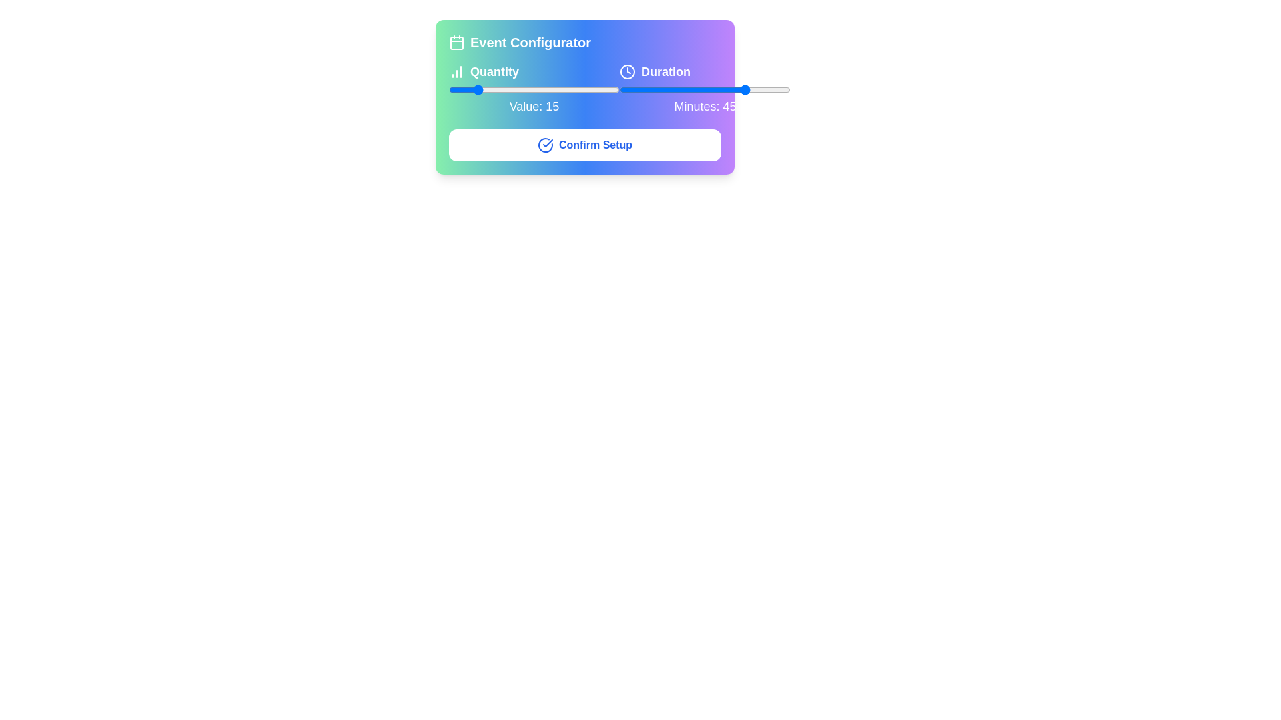 This screenshot has width=1281, height=720. I want to click on the duration, so click(699, 90).